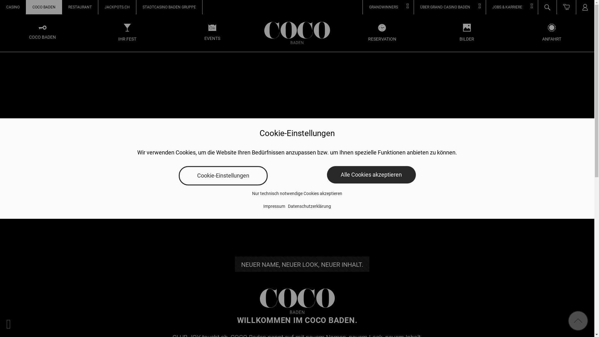  I want to click on 'NEUER NAME, NEUER LOOK, NEUER INHALT.', so click(302, 264).